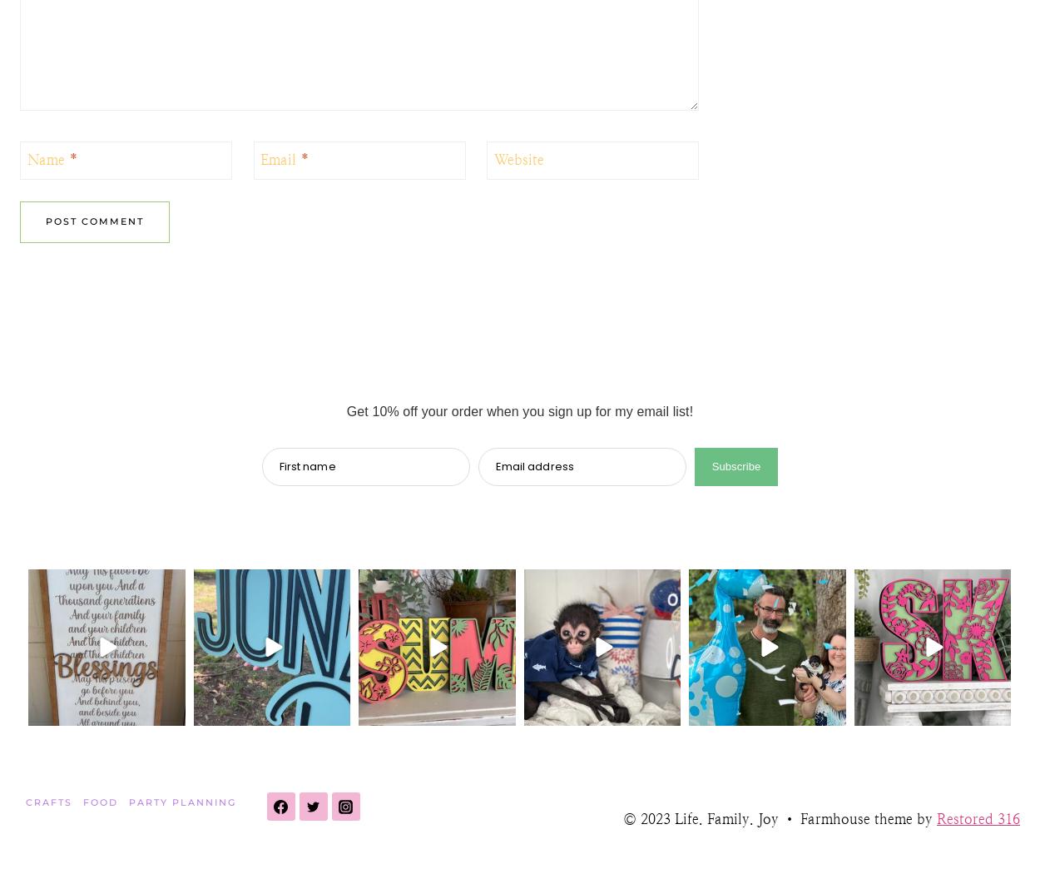 Image resolution: width=1040 pixels, height=869 pixels. What do you see at coordinates (978, 818) in the screenshot?
I see `'Restored 316'` at bounding box center [978, 818].